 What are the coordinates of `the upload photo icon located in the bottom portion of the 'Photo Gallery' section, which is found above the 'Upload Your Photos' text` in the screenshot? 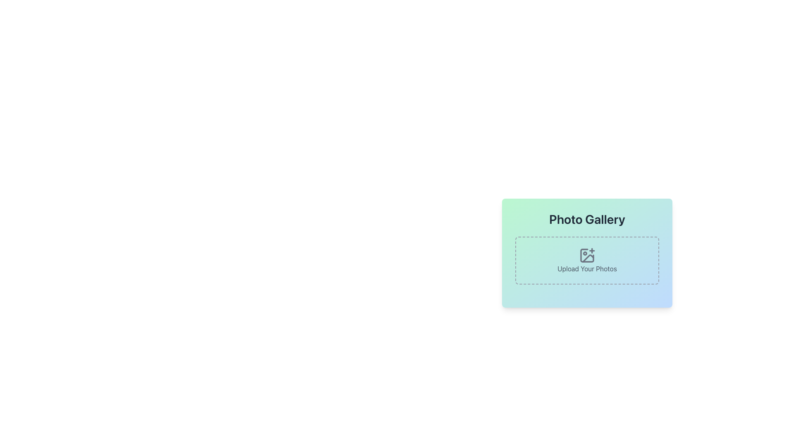 It's located at (587, 255).